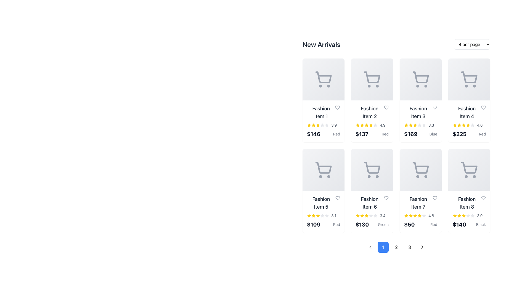  I want to click on the fifth star icon in the rating component of the 'Fashion Item 4' card, which is a small, gray-outlined star that is hollow and located in the first row, fourth column of the products grid, so click(472, 125).